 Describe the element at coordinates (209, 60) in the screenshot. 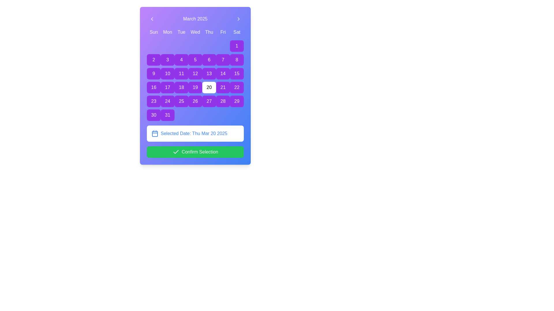

I see `the rectangular button labeled '6' with a purple background` at that location.